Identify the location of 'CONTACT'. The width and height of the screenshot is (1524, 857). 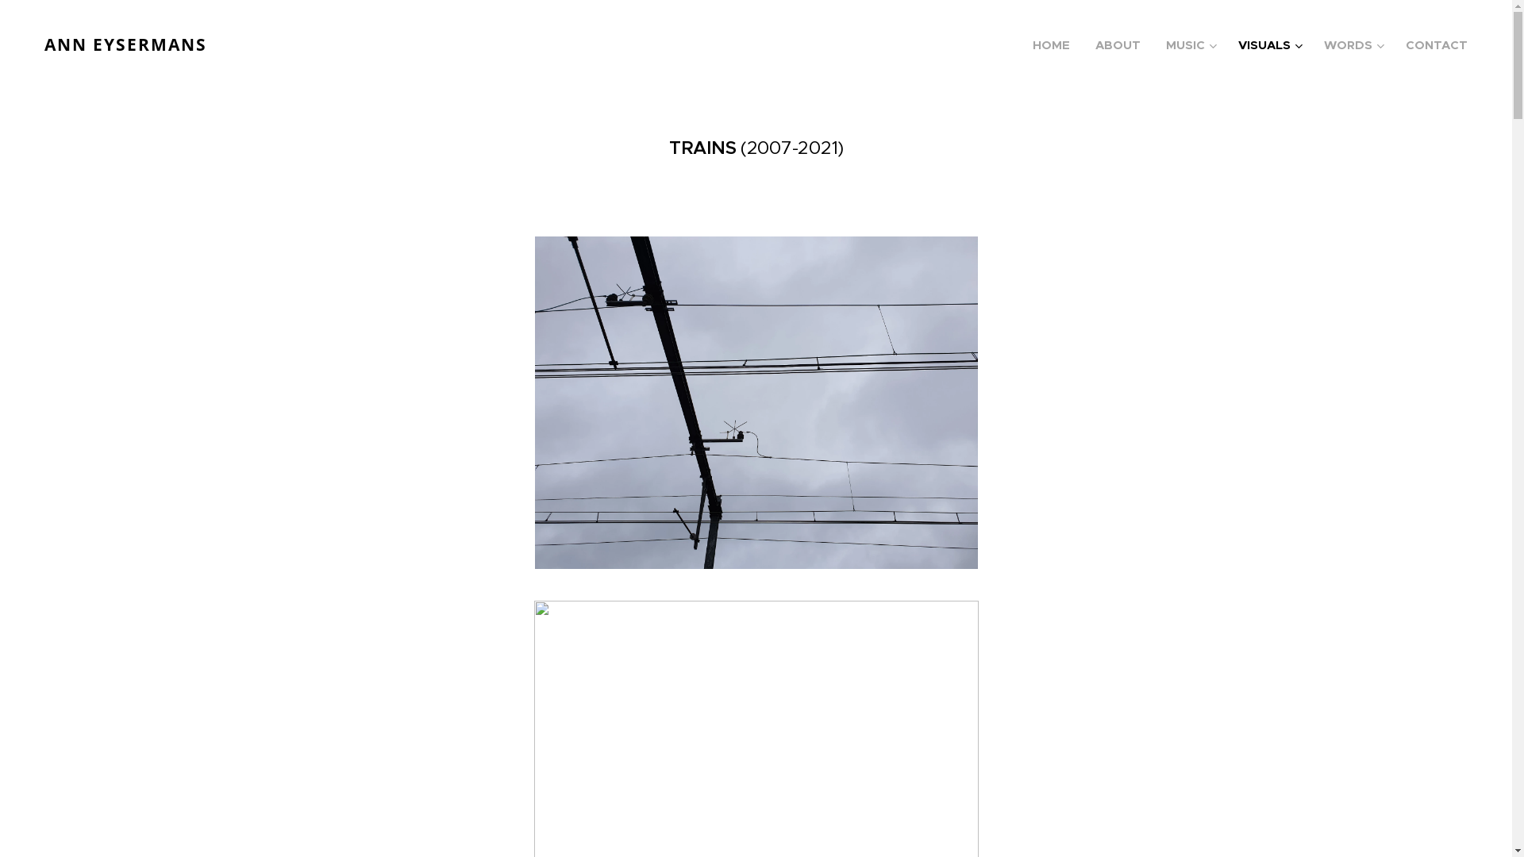
(1430, 44).